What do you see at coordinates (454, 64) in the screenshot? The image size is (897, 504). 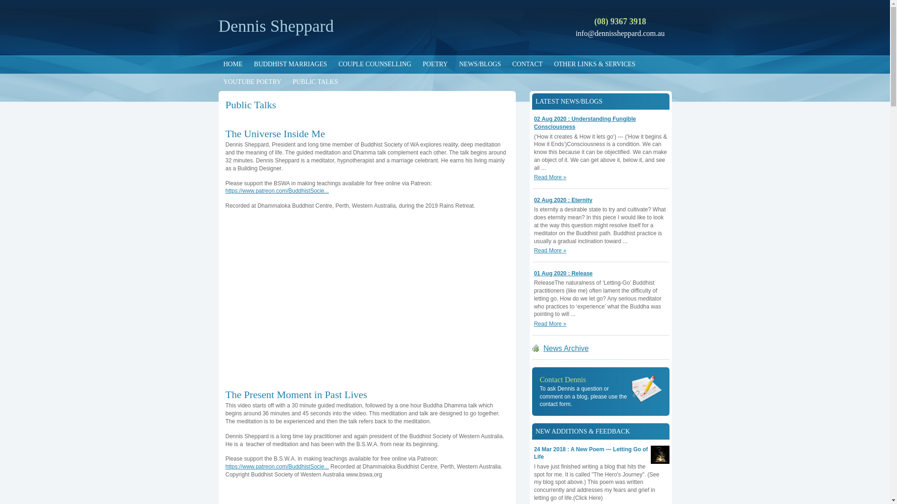 I see `'NEWS/BLOGS'` at bounding box center [454, 64].